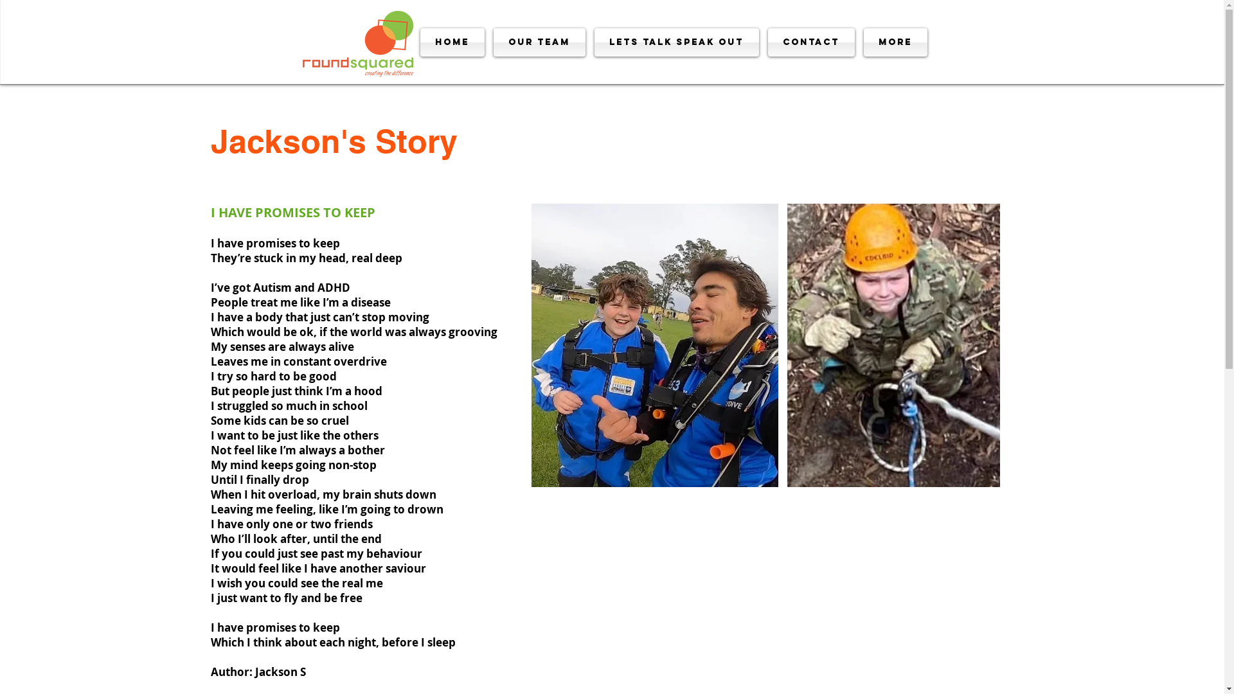 This screenshot has width=1234, height=694. Describe the element at coordinates (675, 41) in the screenshot. I see `'LETS TALK SPEAK OUT'` at that location.